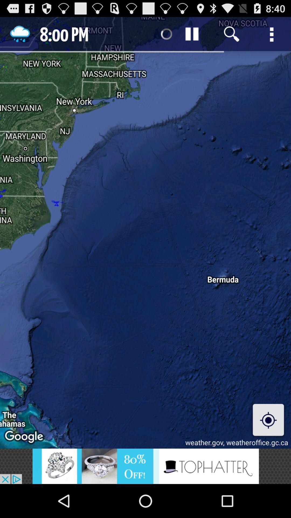  I want to click on advertise bar, so click(145, 466).